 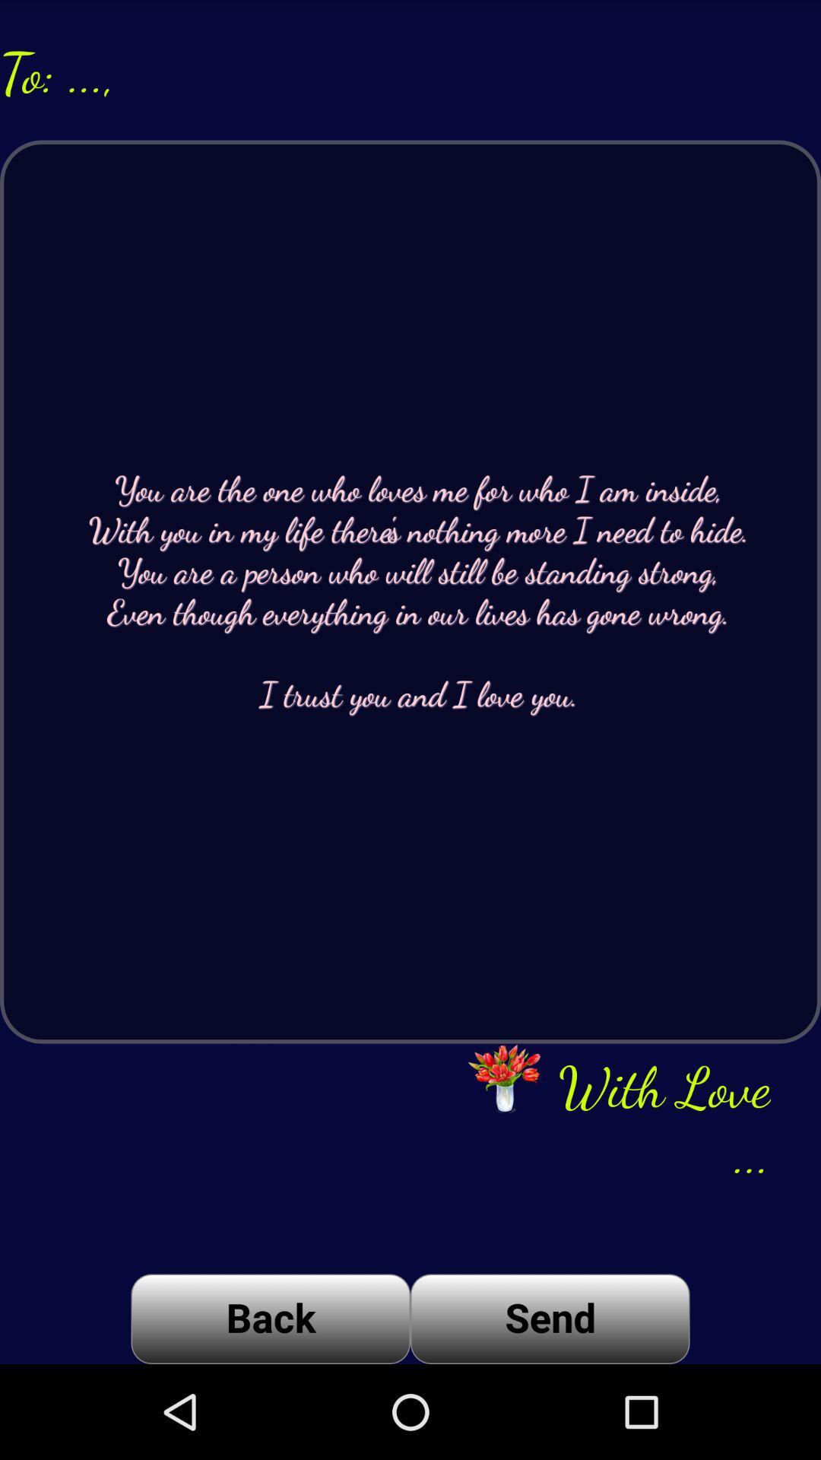 What do you see at coordinates (270, 1318) in the screenshot?
I see `button at the bottom left corner` at bounding box center [270, 1318].